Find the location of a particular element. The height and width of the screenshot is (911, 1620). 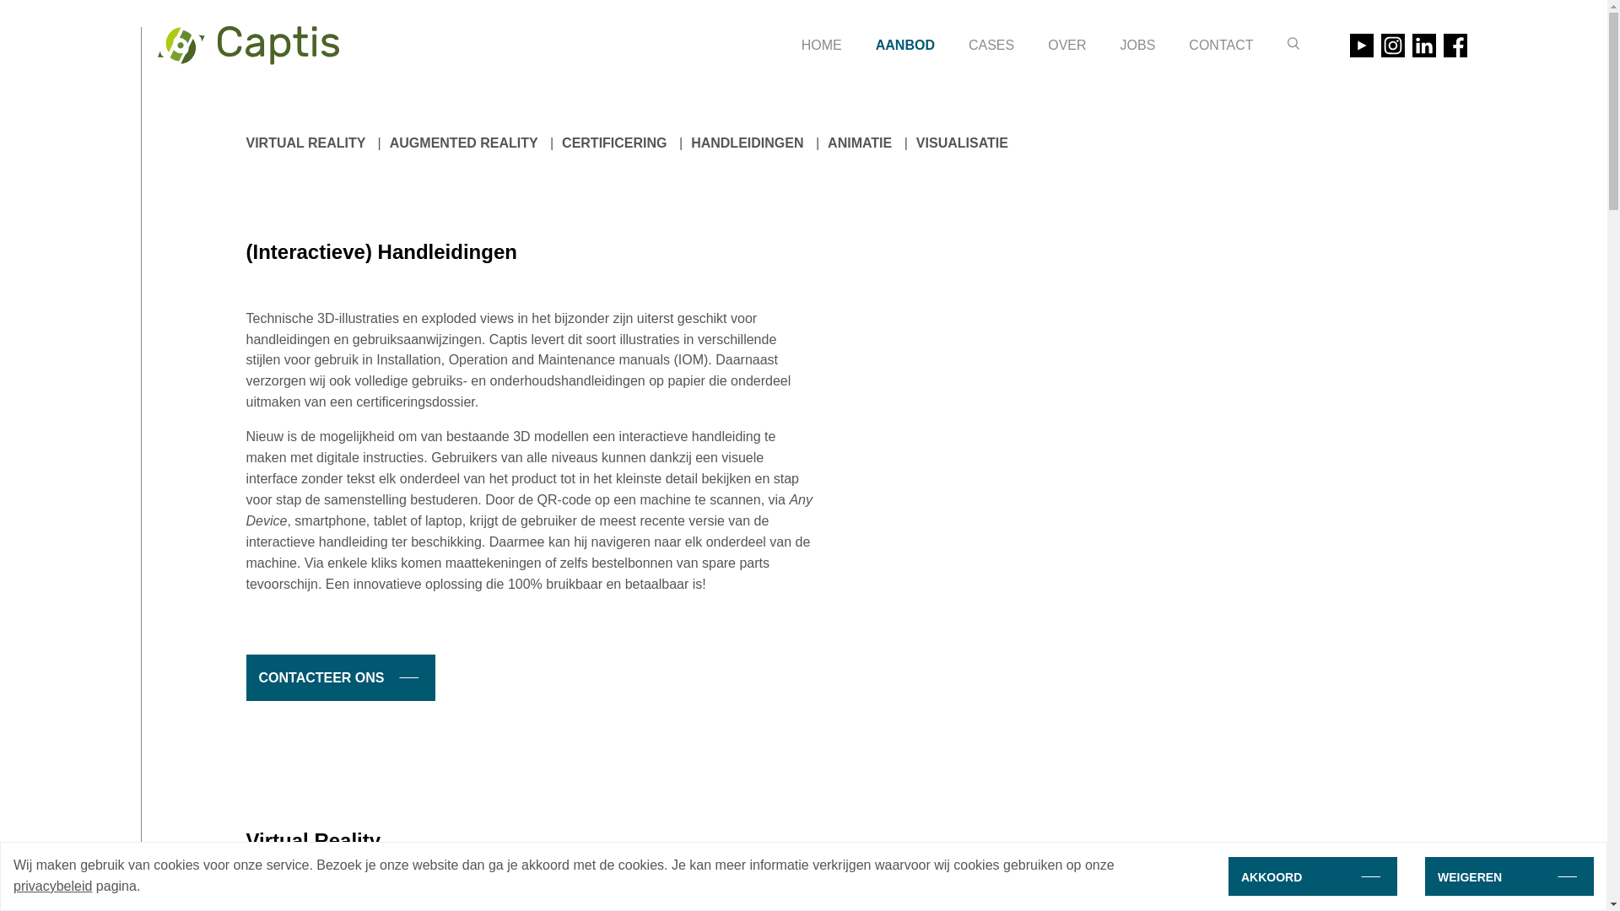

'JOBS' is located at coordinates (1137, 45).